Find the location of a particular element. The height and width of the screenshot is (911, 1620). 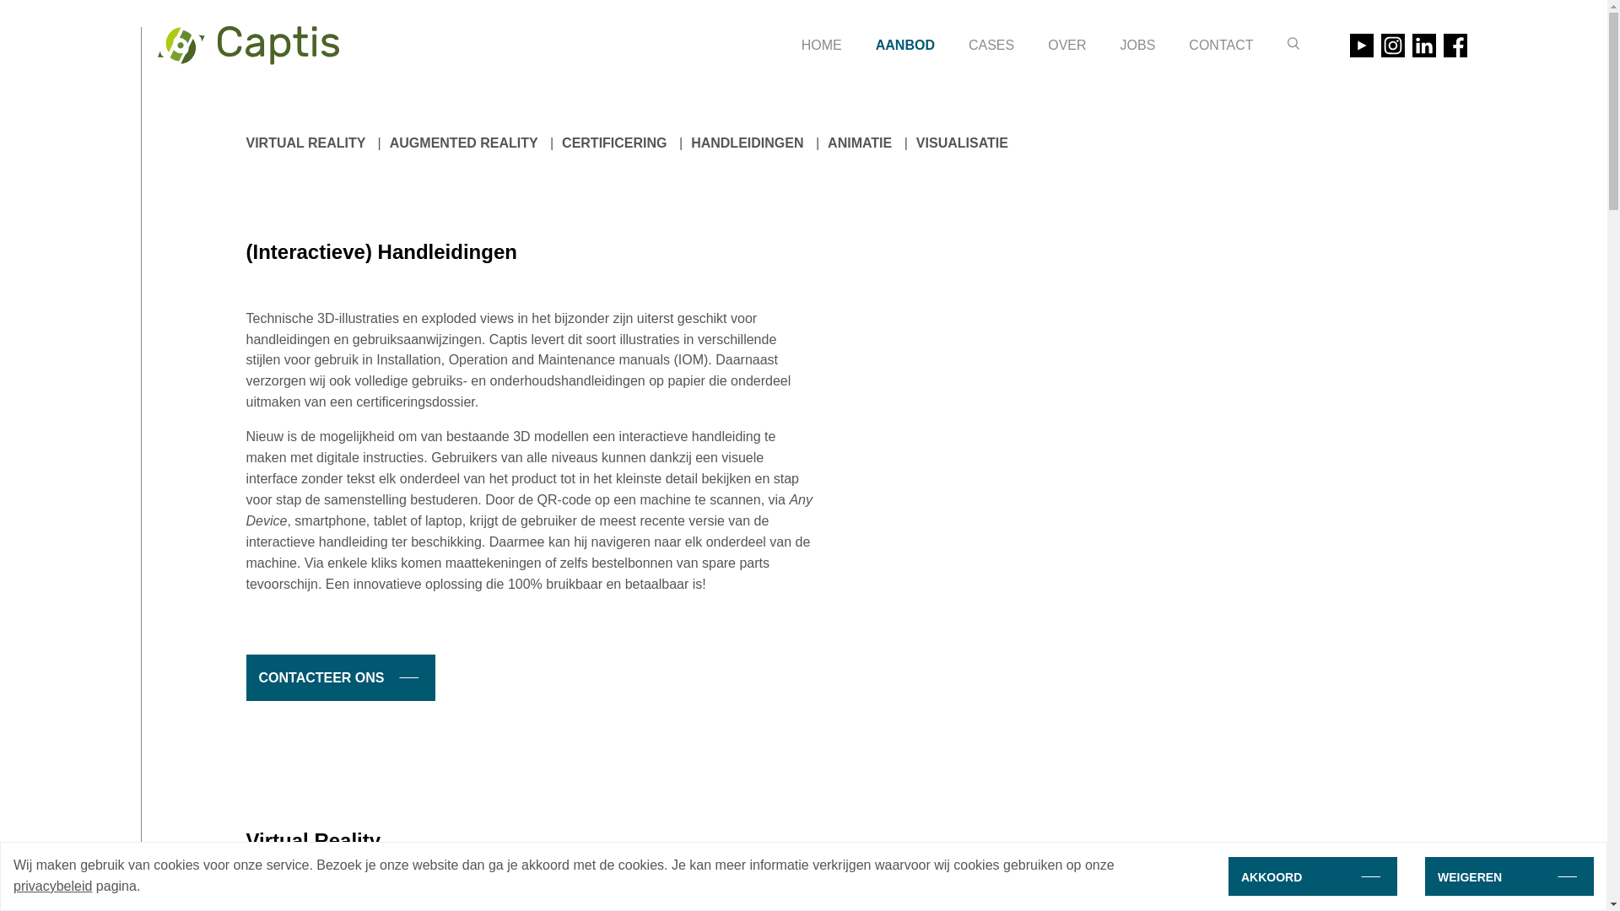

'JOBS' is located at coordinates (1137, 45).